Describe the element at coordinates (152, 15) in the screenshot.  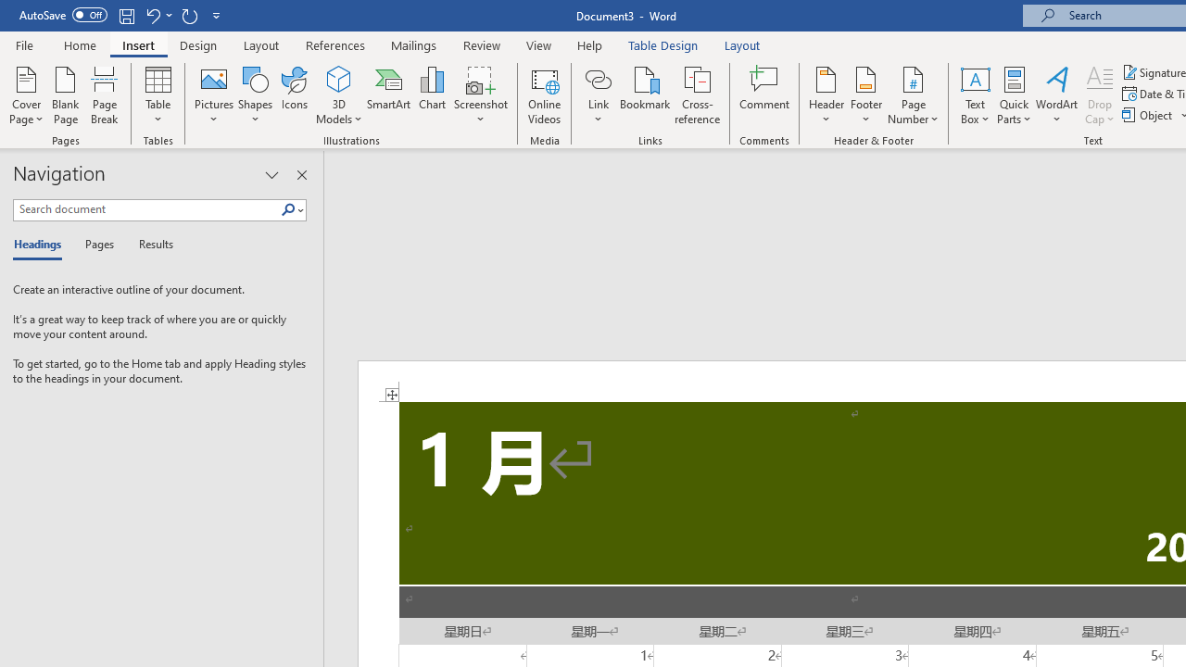
I see `'Undo Increase Indent'` at that location.